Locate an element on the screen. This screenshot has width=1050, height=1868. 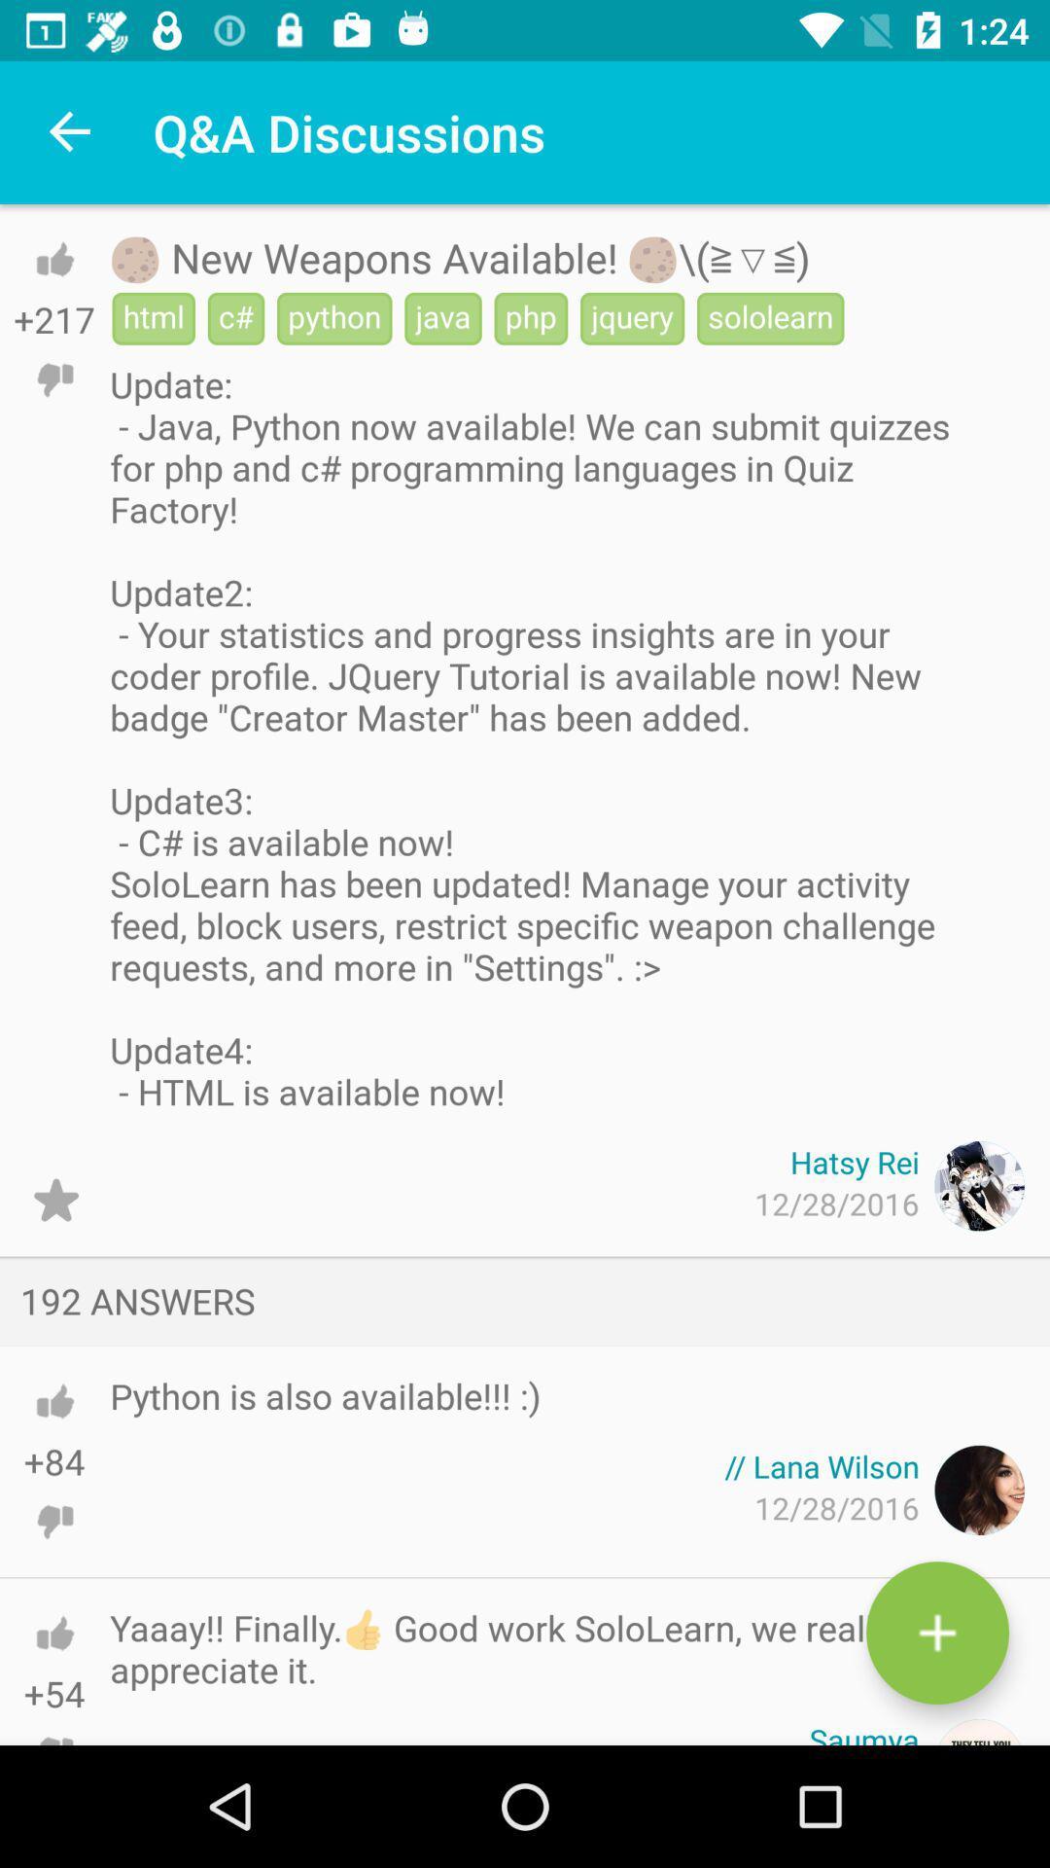
the icon to the left of 12/28/2016 item is located at coordinates (54, 1199).